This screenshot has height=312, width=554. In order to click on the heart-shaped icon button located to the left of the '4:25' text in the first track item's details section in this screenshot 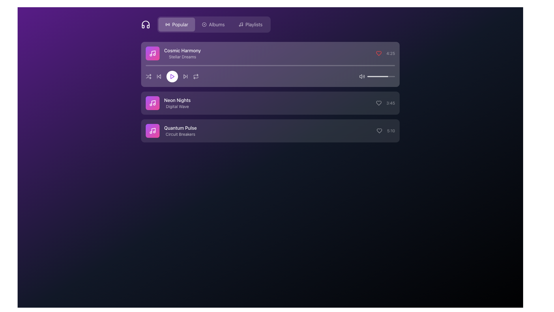, I will do `click(379, 53)`.